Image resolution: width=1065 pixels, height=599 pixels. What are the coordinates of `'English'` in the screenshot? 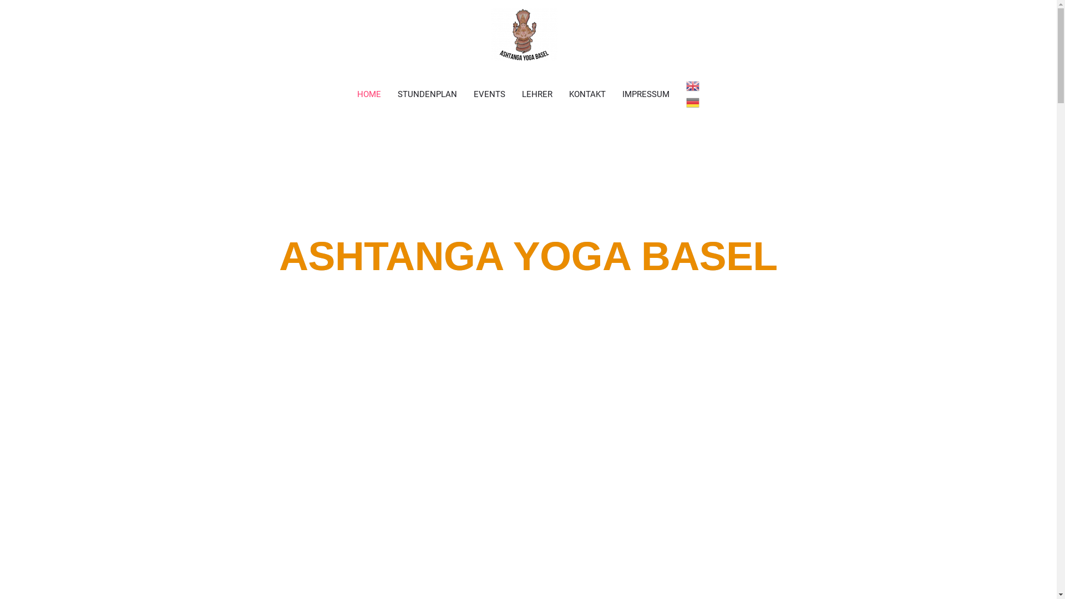 It's located at (692, 85).